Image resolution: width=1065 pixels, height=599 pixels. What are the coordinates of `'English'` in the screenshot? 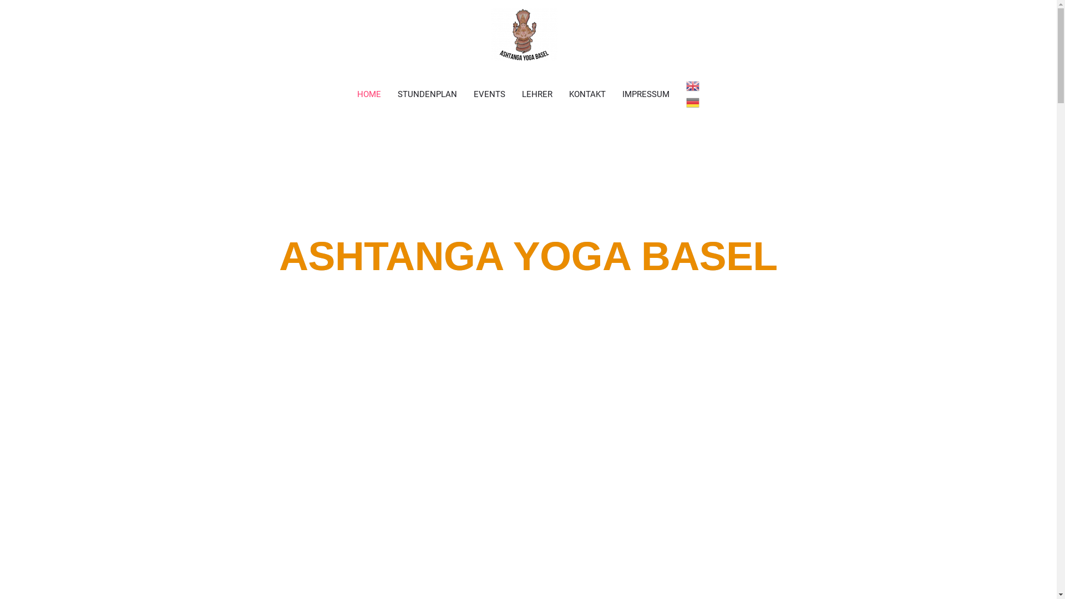 It's located at (692, 85).